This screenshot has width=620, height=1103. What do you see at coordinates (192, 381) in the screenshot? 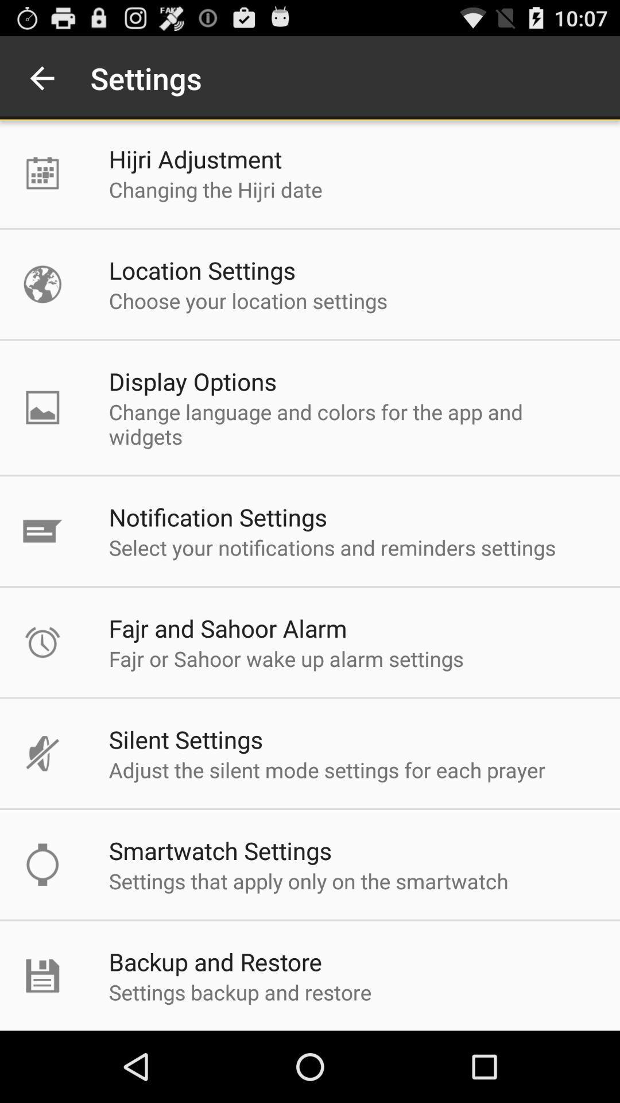
I see `icon below the choose your location icon` at bounding box center [192, 381].